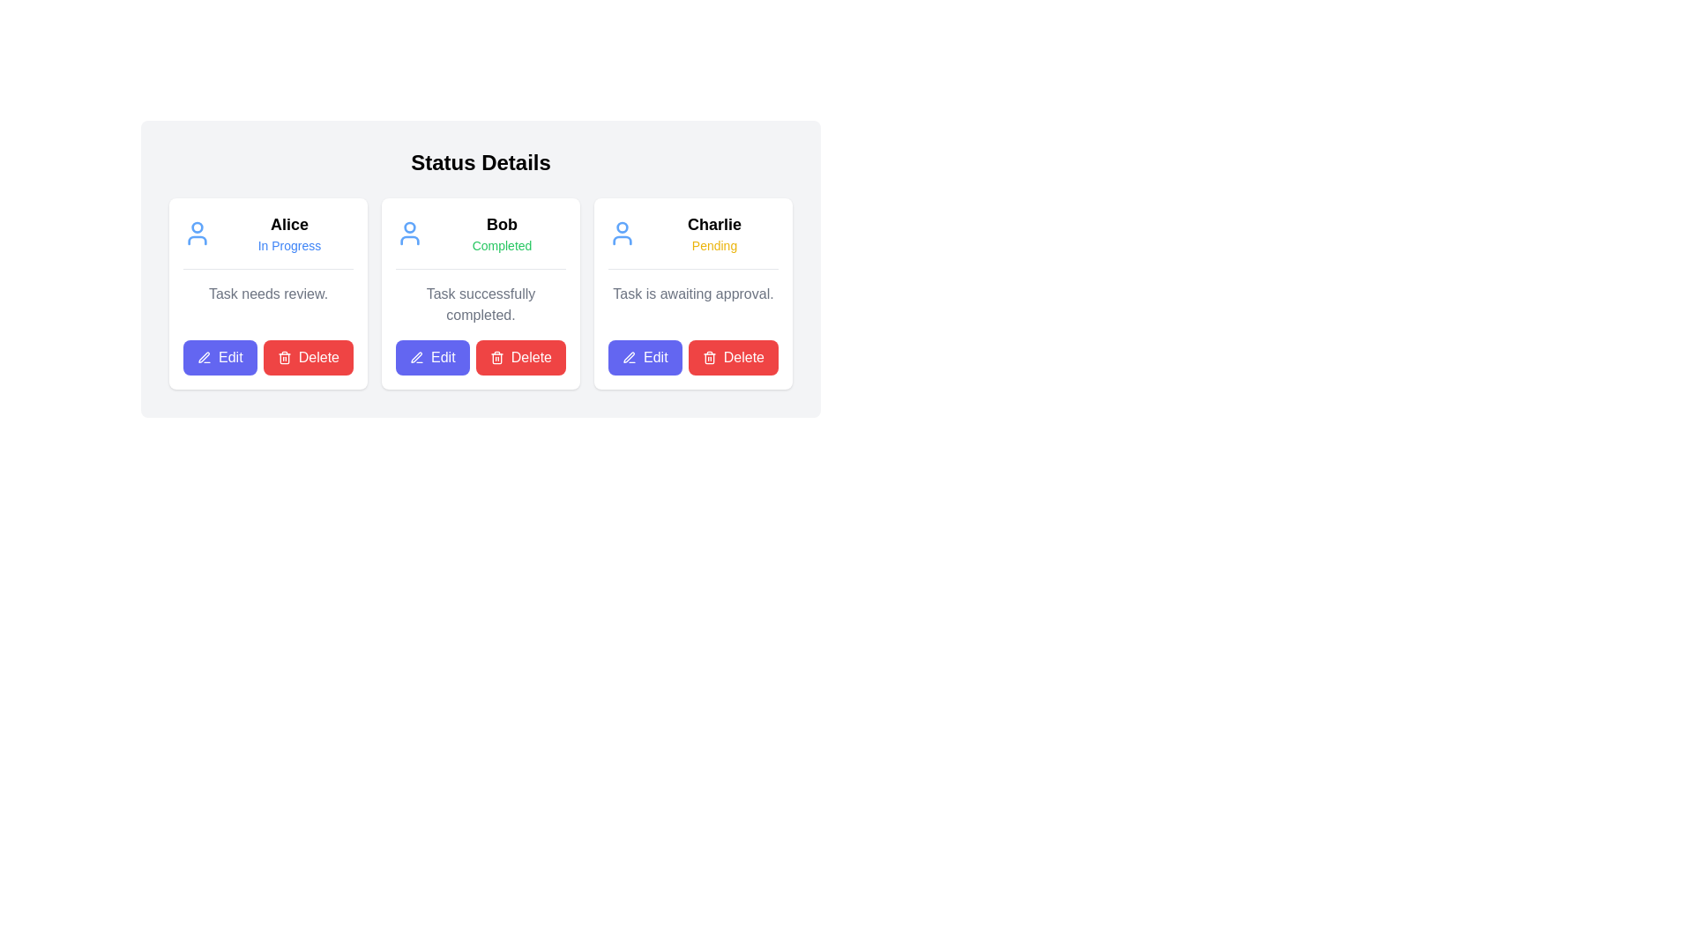 This screenshot has height=952, width=1693. Describe the element at coordinates (630, 357) in the screenshot. I see `the pen-shaped icon within the 'Edit' button at the bottom-left corner of the card under 'Charlie'` at that location.